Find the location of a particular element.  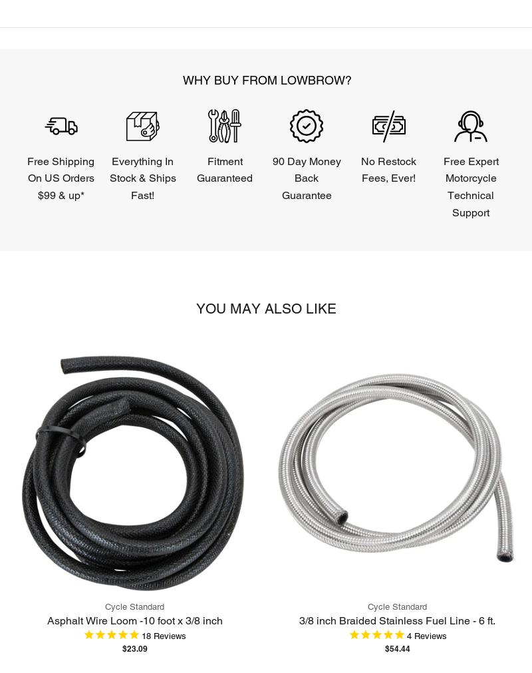

'BRANDS' is located at coordinates (83, 243).